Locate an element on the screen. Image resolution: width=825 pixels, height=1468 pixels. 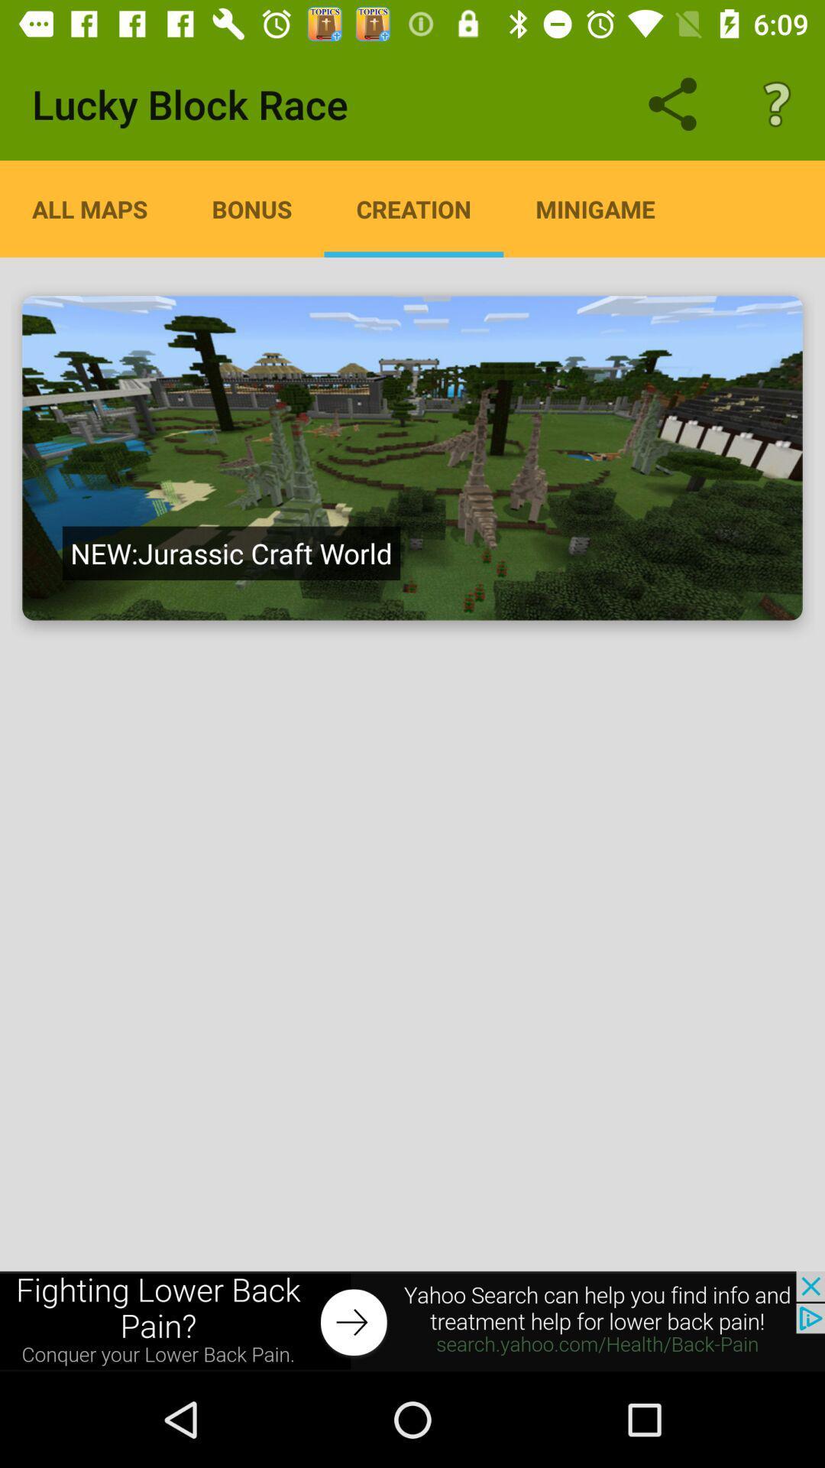
share icon is located at coordinates (671, 104).